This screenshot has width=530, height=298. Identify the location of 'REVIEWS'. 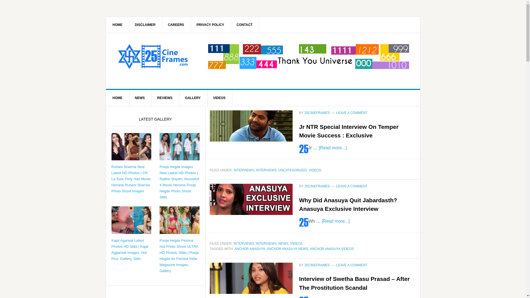
(165, 97).